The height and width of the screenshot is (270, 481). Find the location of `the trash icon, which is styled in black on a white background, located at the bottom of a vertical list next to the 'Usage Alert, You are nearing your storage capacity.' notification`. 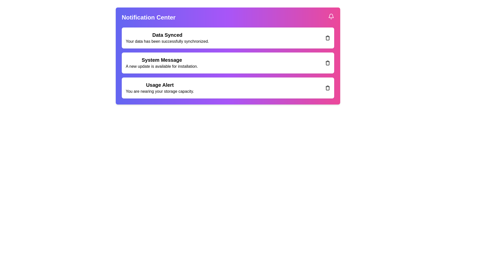

the trash icon, which is styled in black on a white background, located at the bottom of a vertical list next to the 'Usage Alert, You are nearing your storage capacity.' notification is located at coordinates (328, 87).